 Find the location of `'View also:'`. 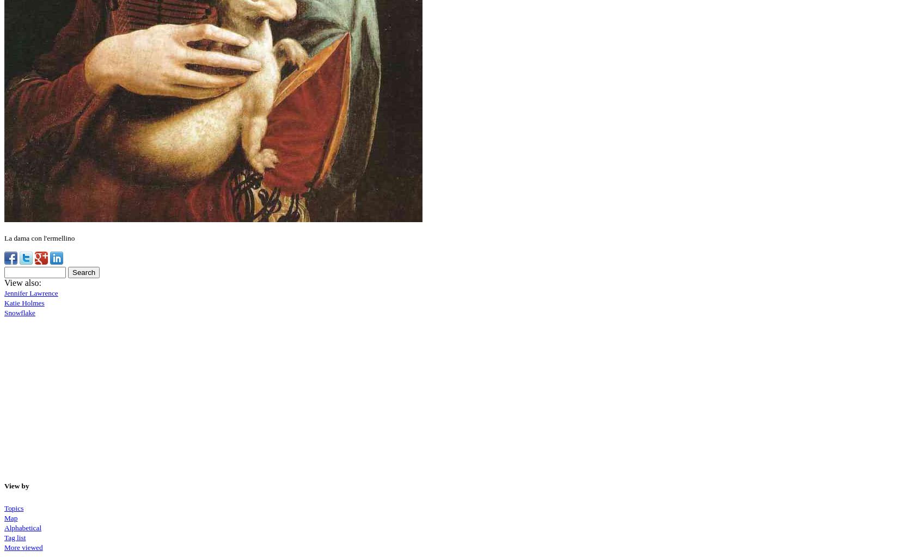

'View also:' is located at coordinates (22, 282).